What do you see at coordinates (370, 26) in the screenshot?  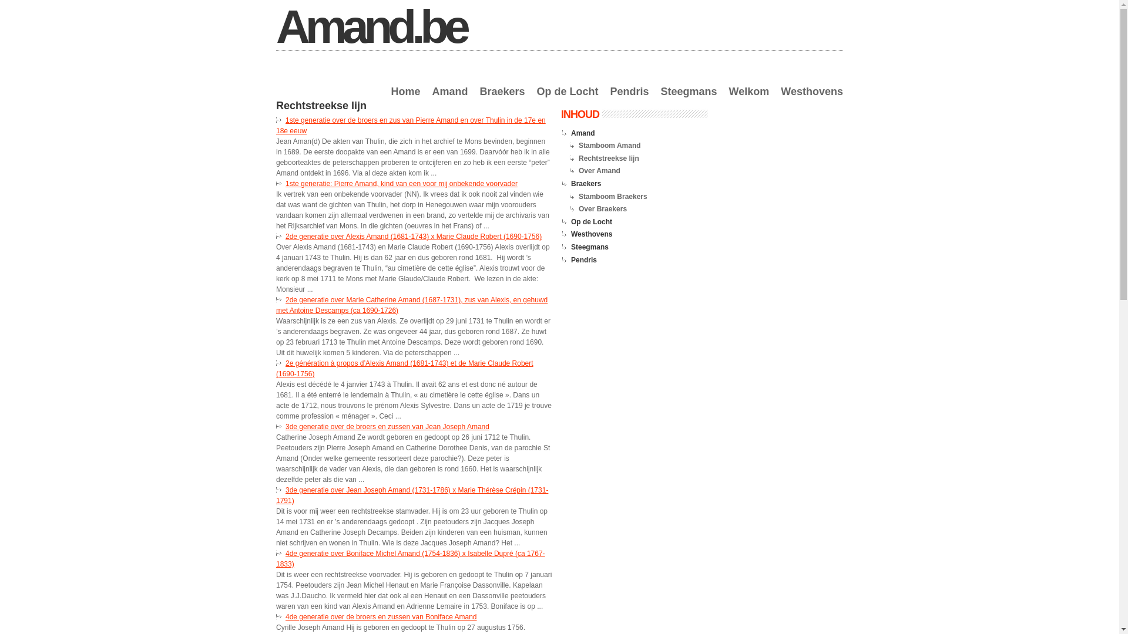 I see `'Amand.be'` at bounding box center [370, 26].